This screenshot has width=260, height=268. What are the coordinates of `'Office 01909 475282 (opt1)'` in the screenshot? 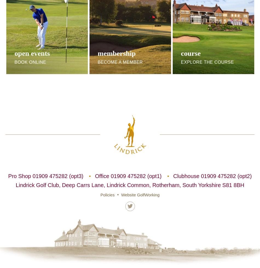 It's located at (129, 176).